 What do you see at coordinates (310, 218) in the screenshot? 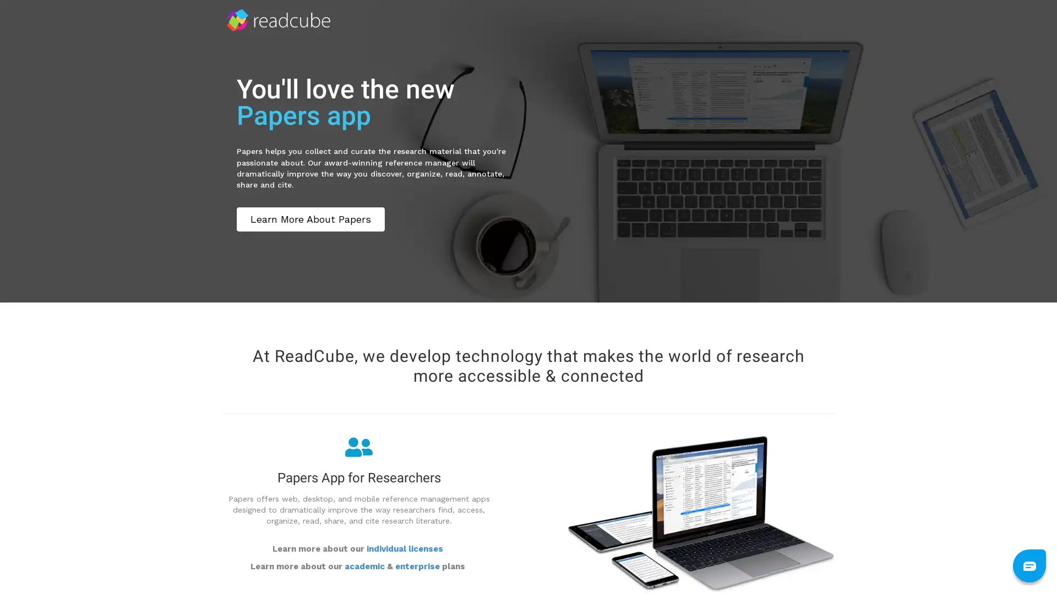
I see `Learn More About Papers` at bounding box center [310, 218].